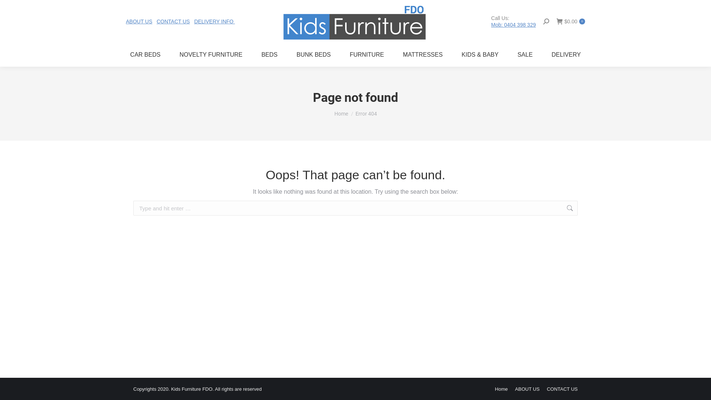 Image resolution: width=711 pixels, height=400 pixels. I want to click on 'SALE', so click(524, 54).